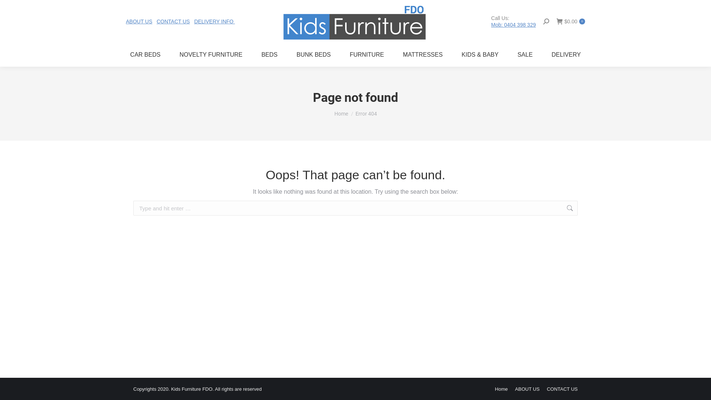 Image resolution: width=711 pixels, height=400 pixels. I want to click on 'SALE', so click(524, 54).